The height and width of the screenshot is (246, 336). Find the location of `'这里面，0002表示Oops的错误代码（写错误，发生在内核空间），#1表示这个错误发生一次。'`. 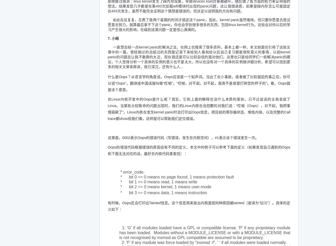

'这里面，0002表示Oops的错误代码（写错误，发生在内核空间），#1表示这个错误发生一次。' is located at coordinates (108, 137).